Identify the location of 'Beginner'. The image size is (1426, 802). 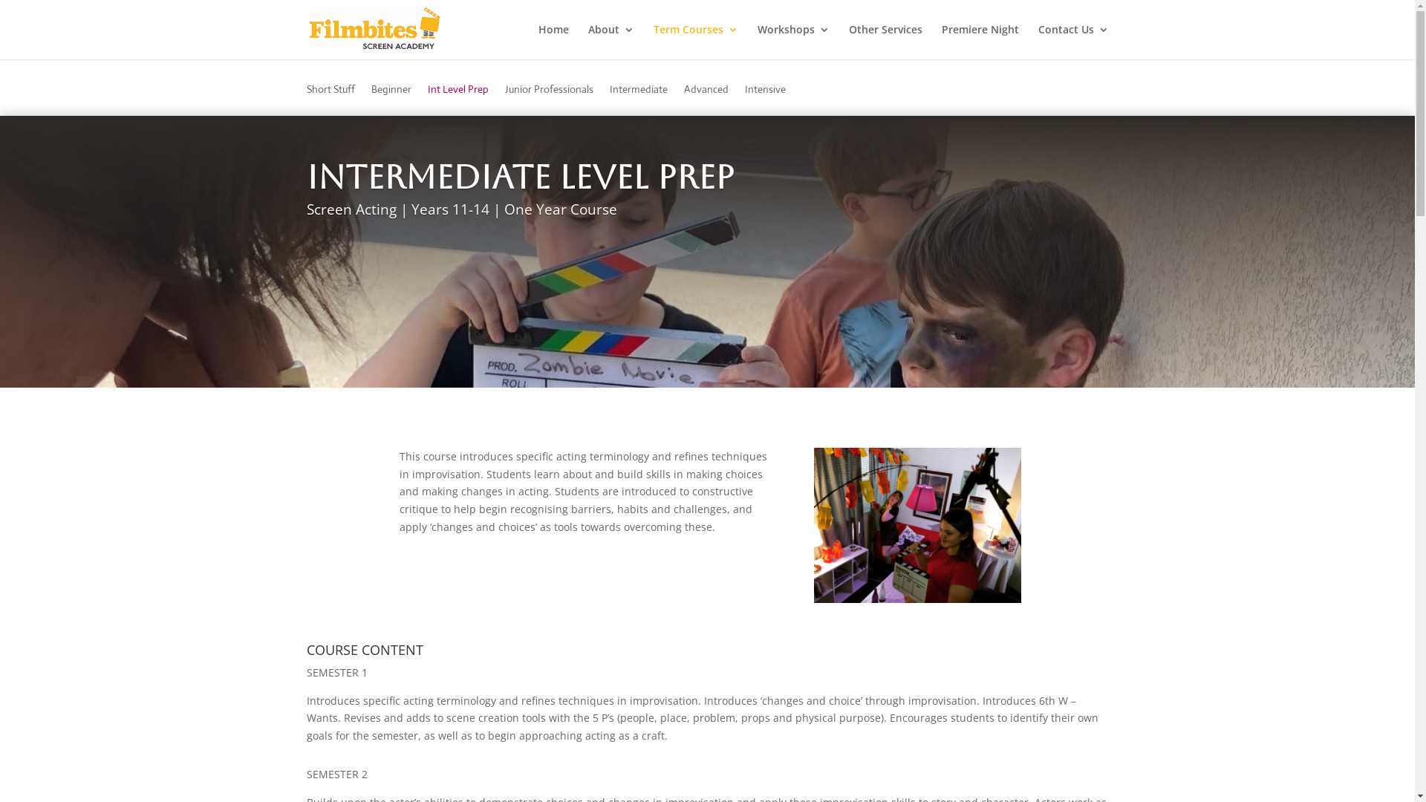
(391, 100).